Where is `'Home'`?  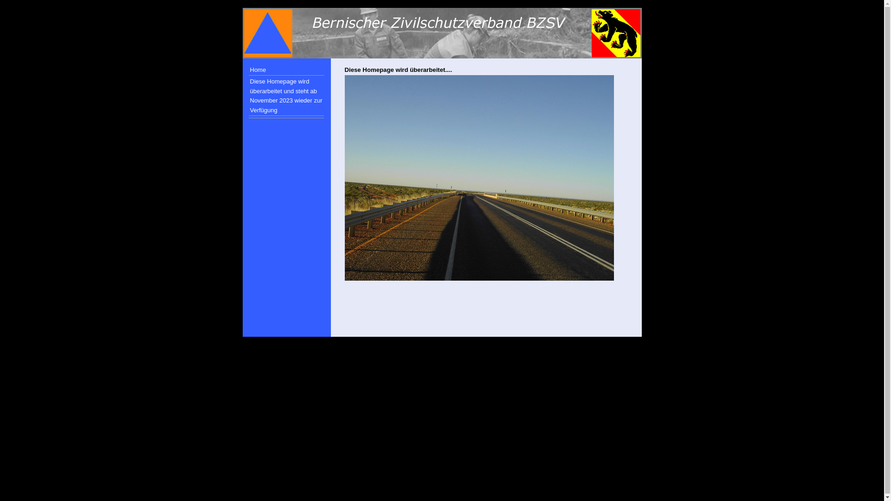
'Home' is located at coordinates (286, 69).